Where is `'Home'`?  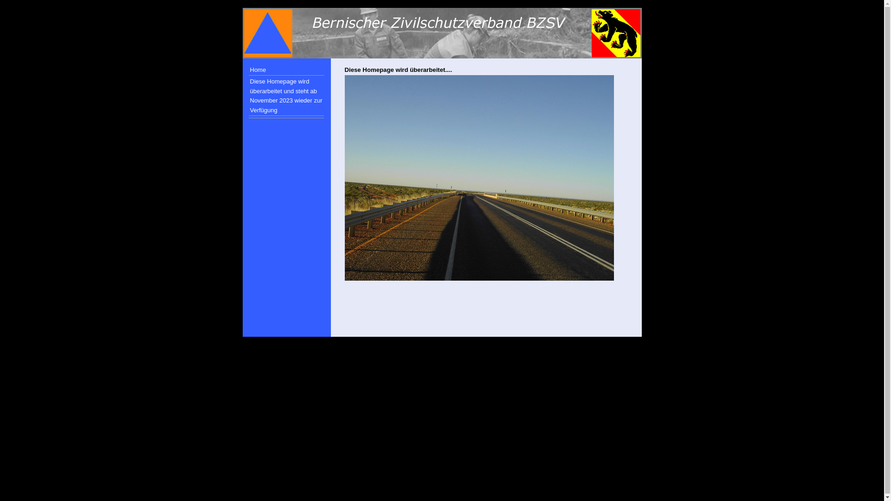
'Home' is located at coordinates (286, 69).